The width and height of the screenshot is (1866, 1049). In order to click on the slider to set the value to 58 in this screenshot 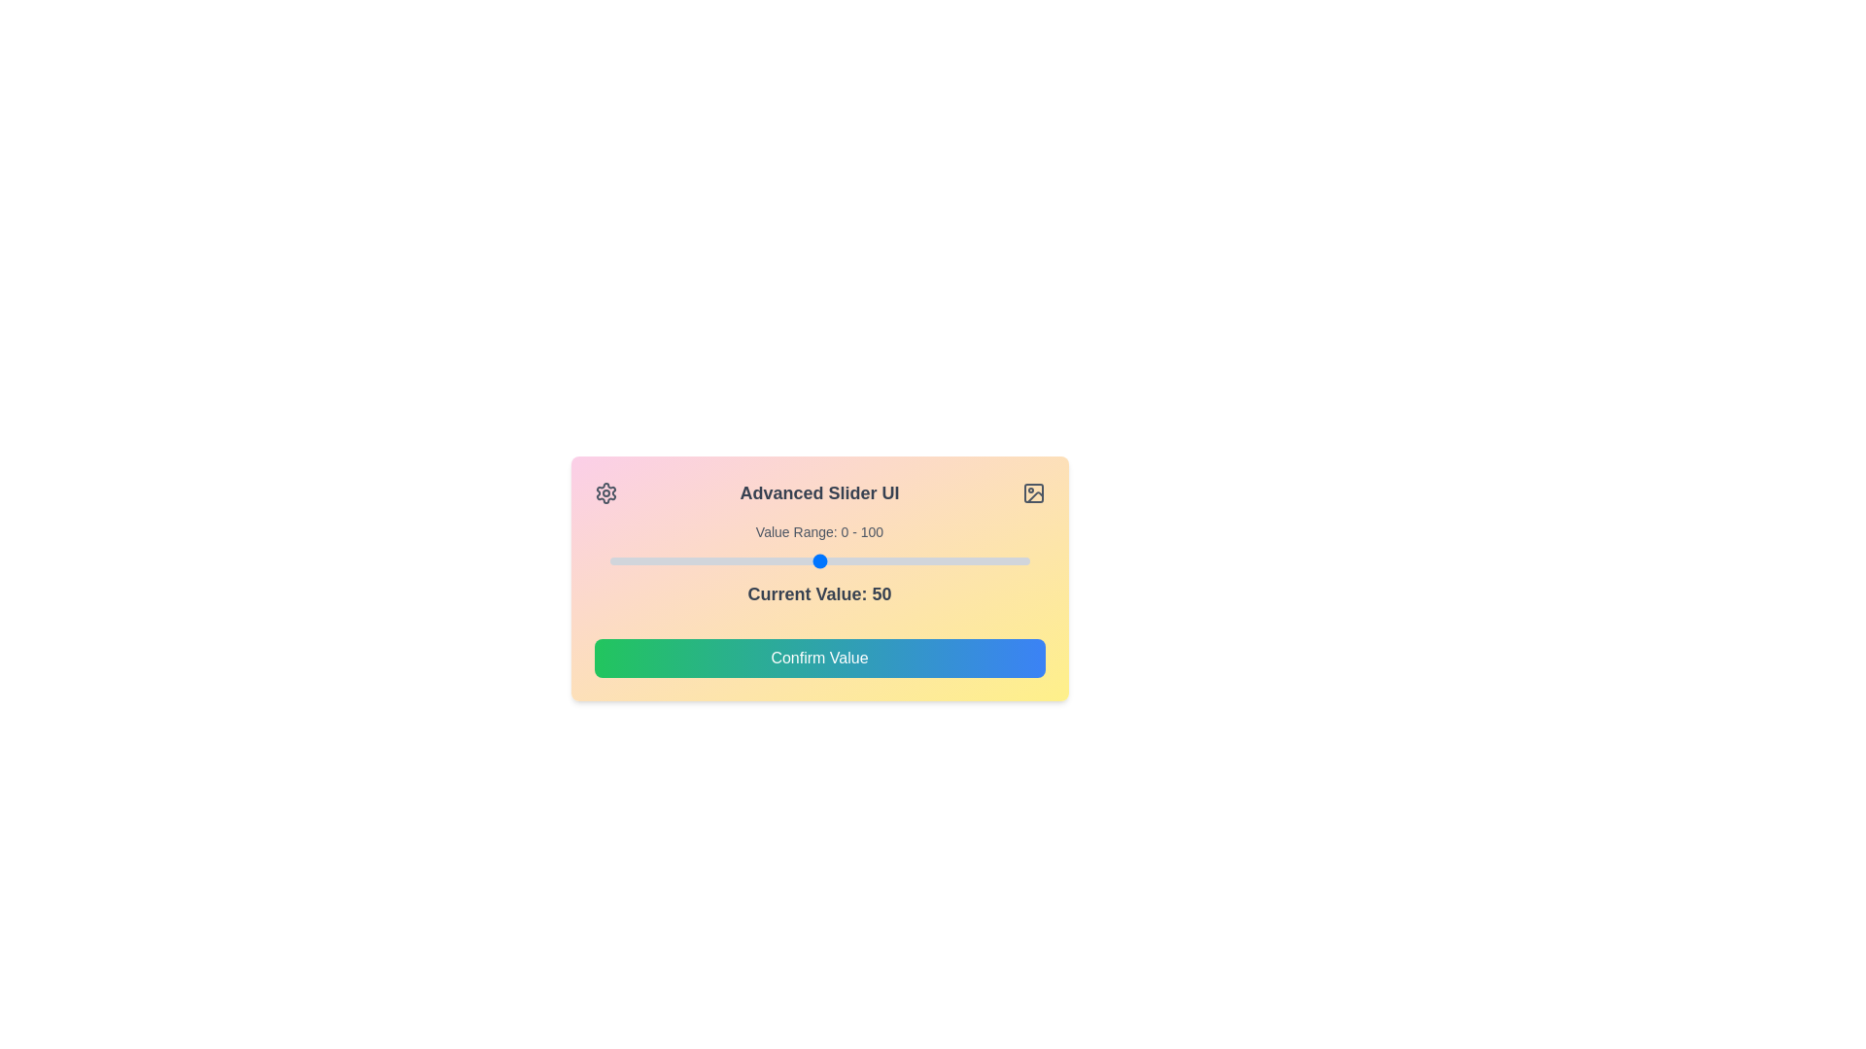, I will do `click(853, 561)`.